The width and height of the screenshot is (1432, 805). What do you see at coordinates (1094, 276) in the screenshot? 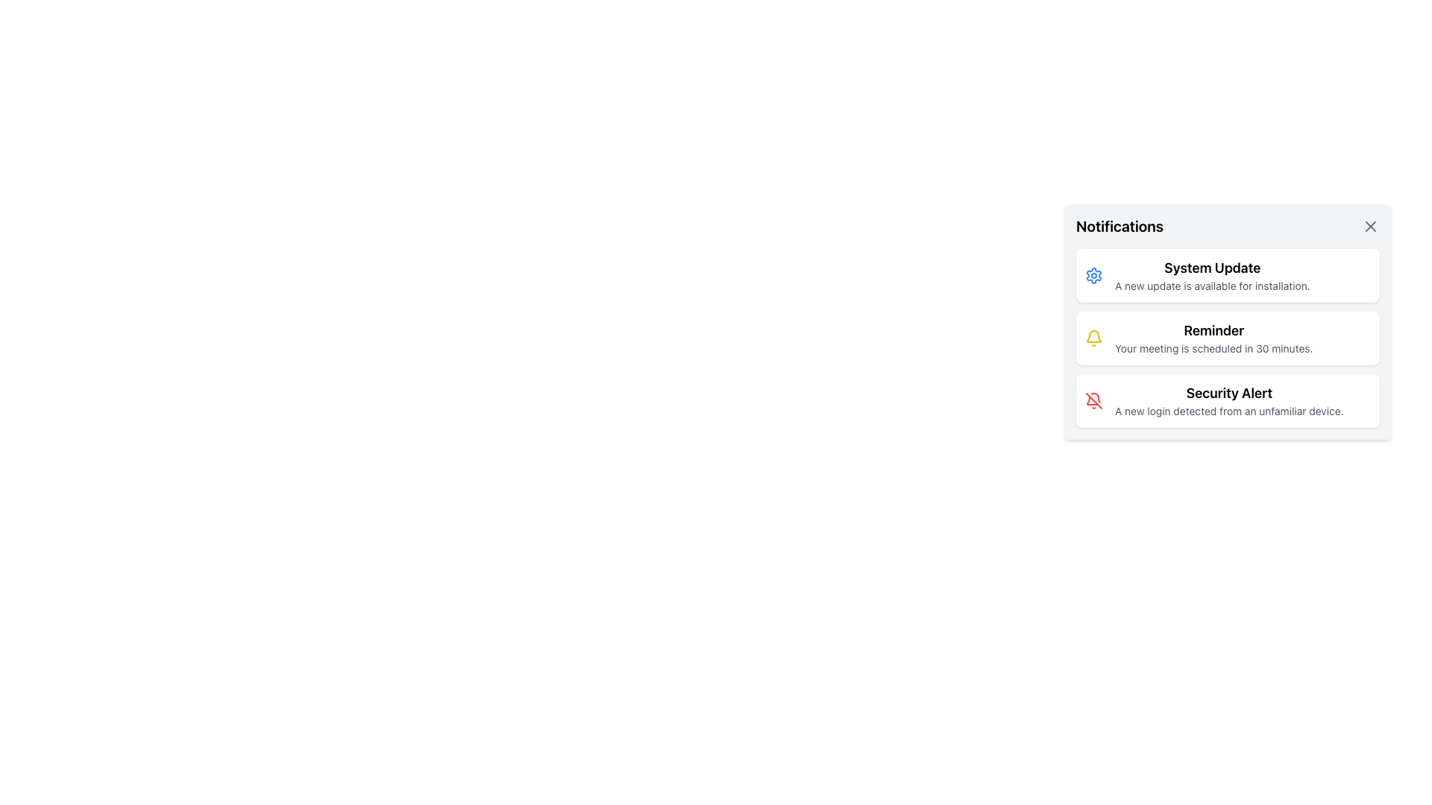
I see `the gear-like SVG icon located` at bounding box center [1094, 276].